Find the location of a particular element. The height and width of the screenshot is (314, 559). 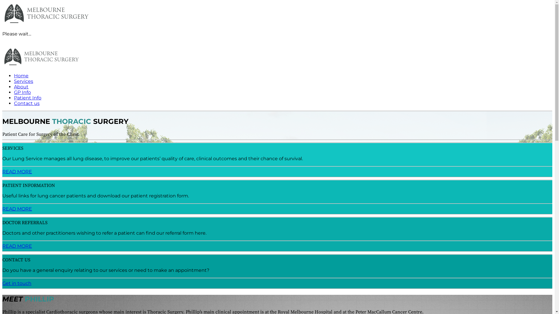

'Patient Info' is located at coordinates (27, 97).